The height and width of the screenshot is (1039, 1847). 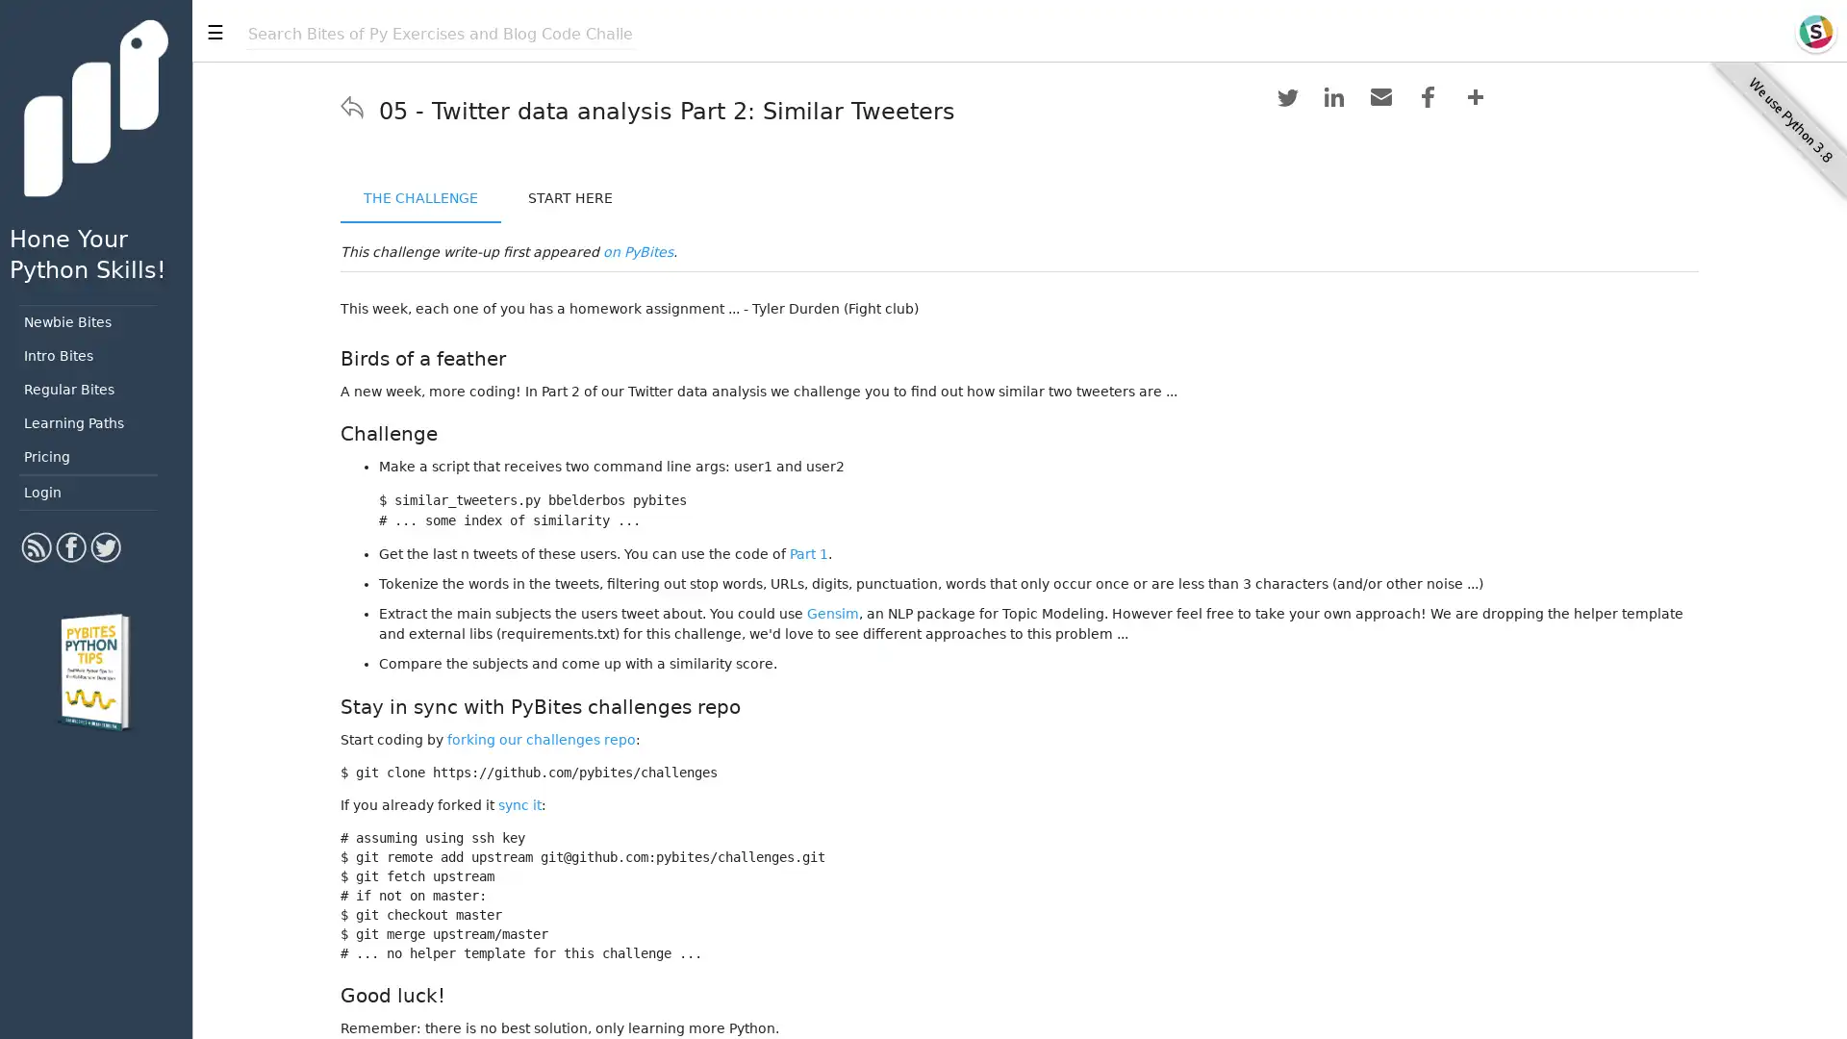 I want to click on Share to Facebook, so click(x=1420, y=96).